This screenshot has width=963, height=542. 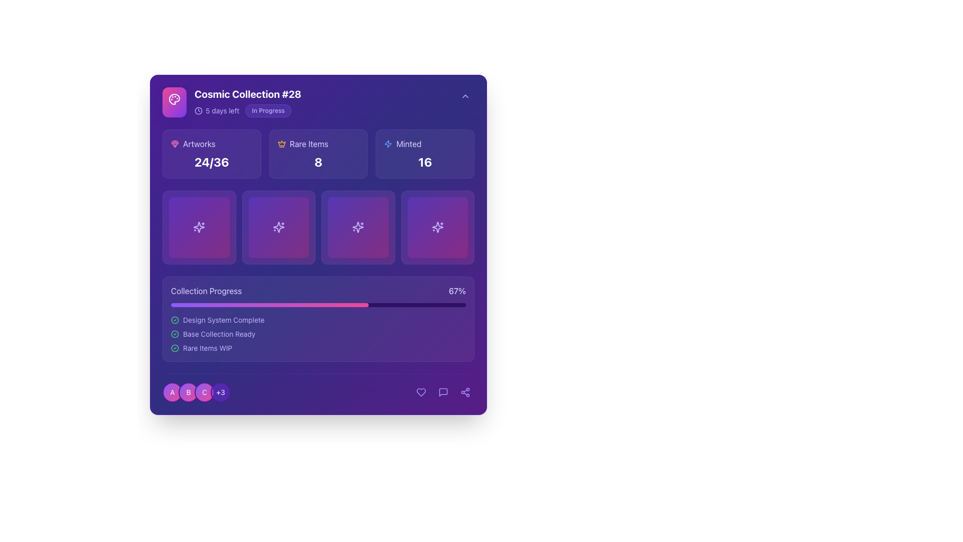 I want to click on status items in the List item section under 'Collection Progress', which includes 'Design System Complete', 'Base Collection Ready', and 'Rare Items WIP', so click(x=317, y=334).